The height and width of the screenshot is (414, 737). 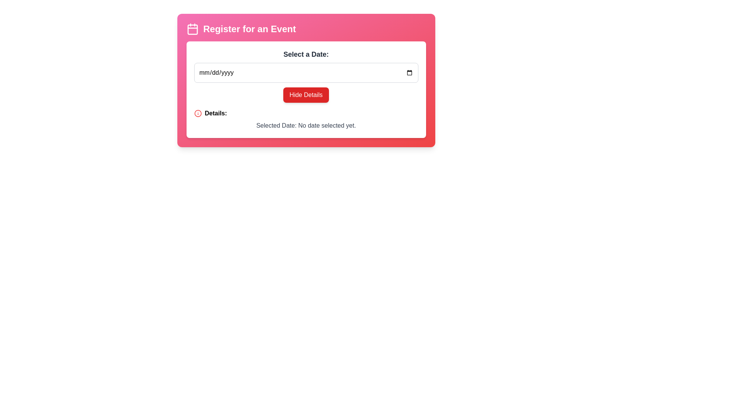 What do you see at coordinates (306, 125) in the screenshot?
I see `content displayed in the text element located below the 'Details:' label and an icon, which provides information about the date selection or its absence` at bounding box center [306, 125].